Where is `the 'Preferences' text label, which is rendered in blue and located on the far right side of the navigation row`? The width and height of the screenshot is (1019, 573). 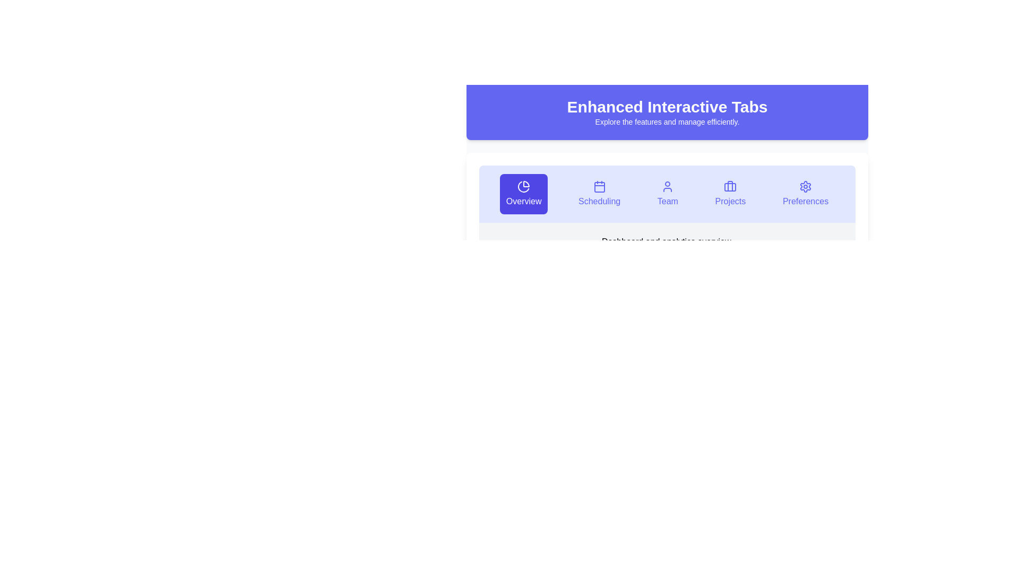
the 'Preferences' text label, which is rendered in blue and located on the far right side of the navigation row is located at coordinates (805, 202).